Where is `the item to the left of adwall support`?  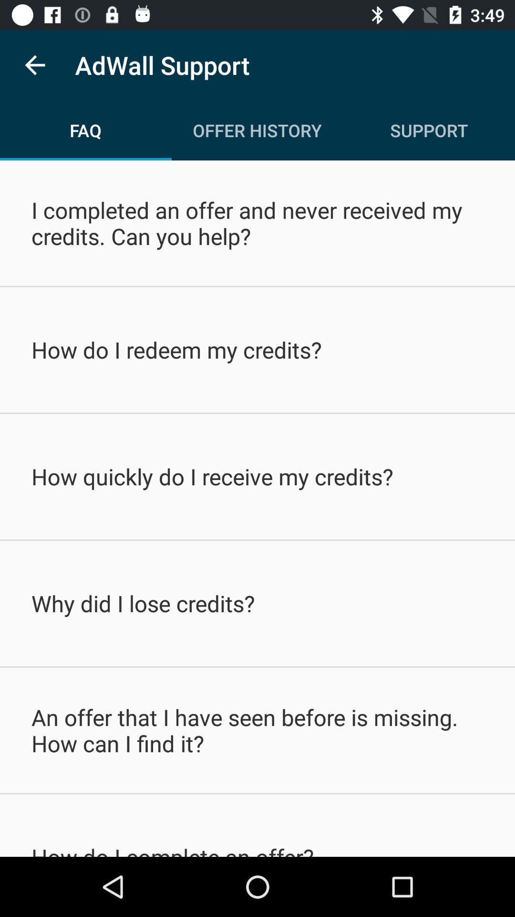
the item to the left of adwall support is located at coordinates (34, 64).